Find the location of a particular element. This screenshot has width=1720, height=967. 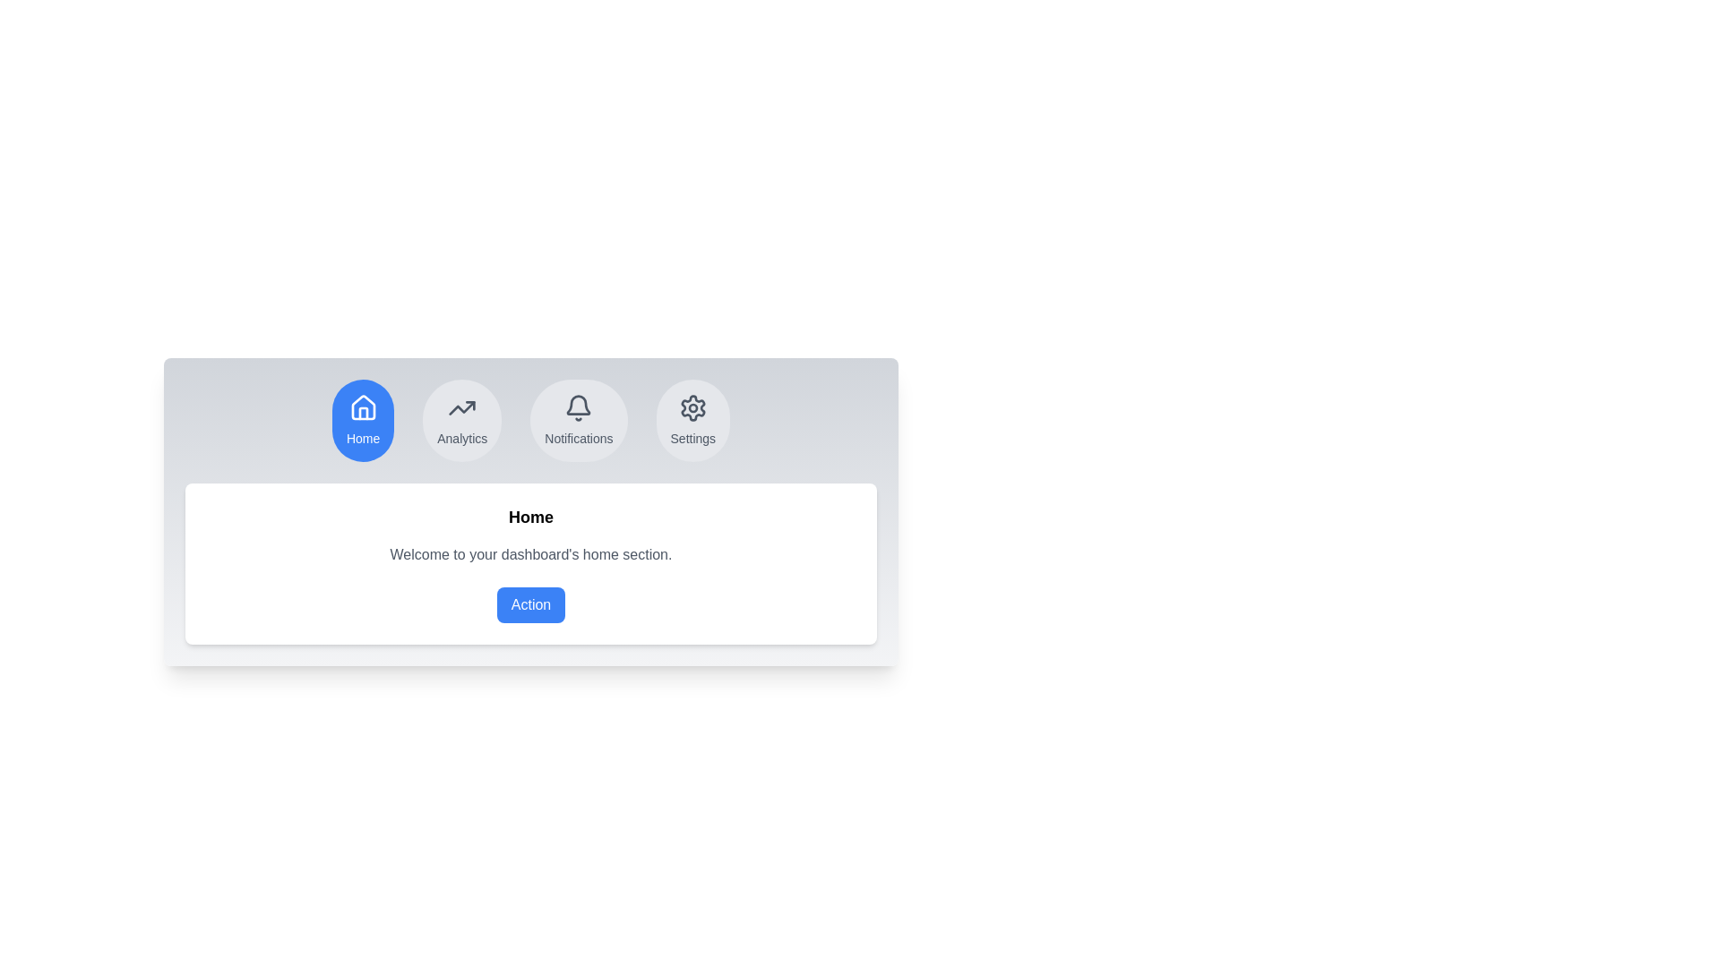

the Notifications tab by clicking its button is located at coordinates (579, 421).